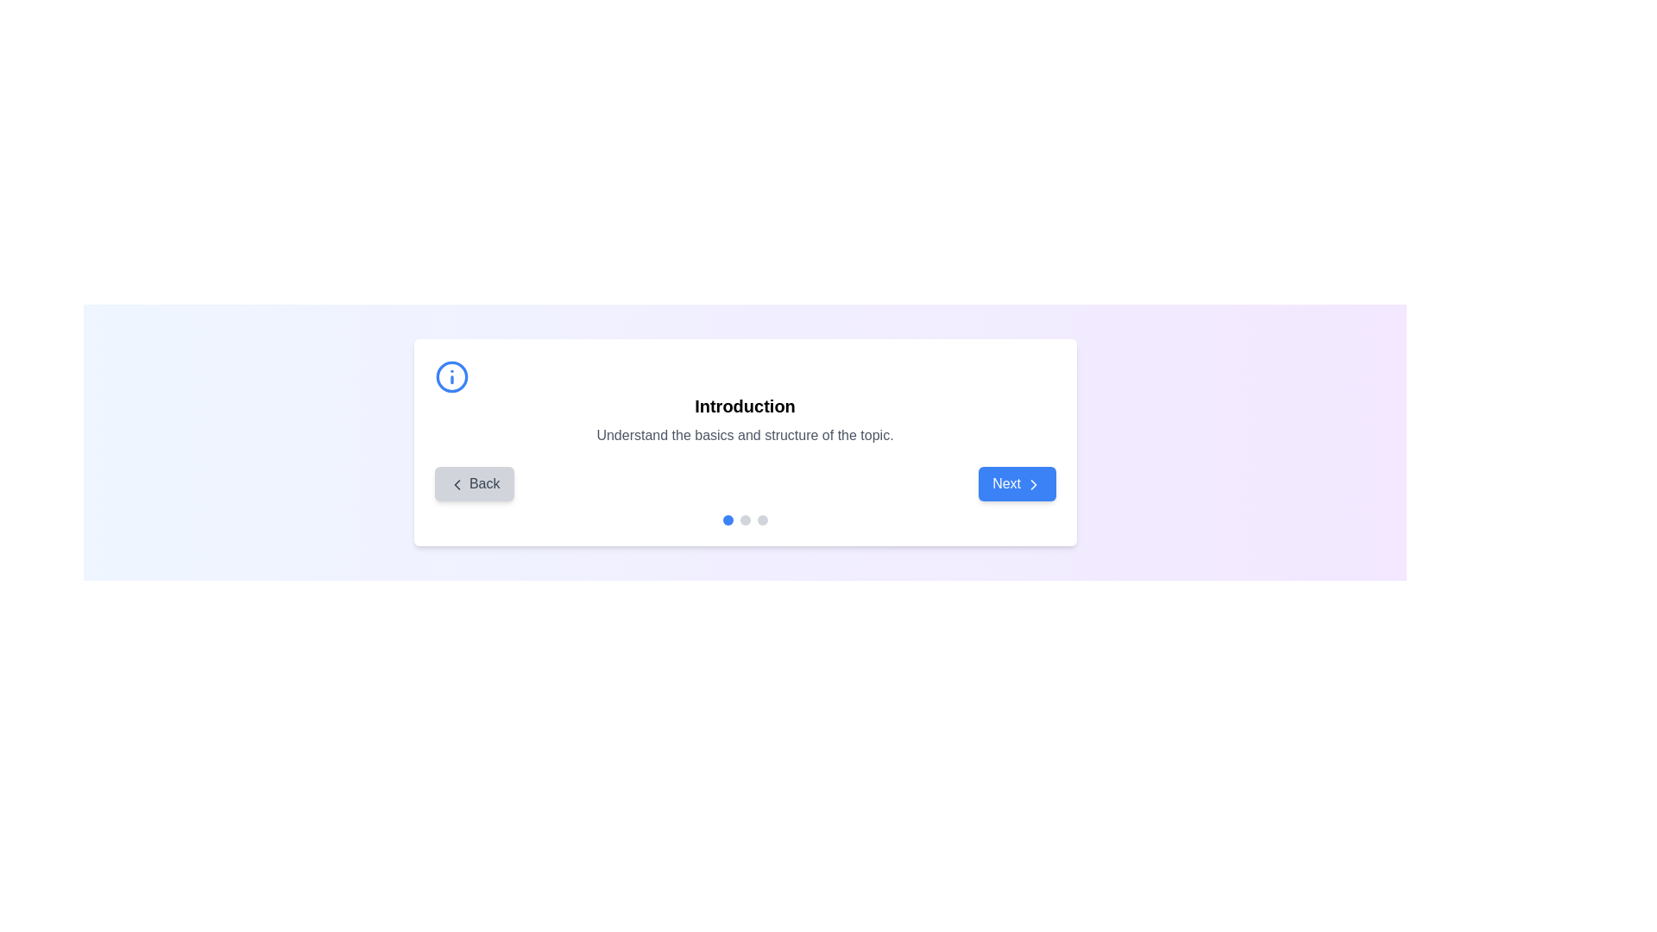 The image size is (1657, 932). Describe the element at coordinates (451, 375) in the screenshot. I see `the blue circular information icon located in the top-left part of the card` at that location.